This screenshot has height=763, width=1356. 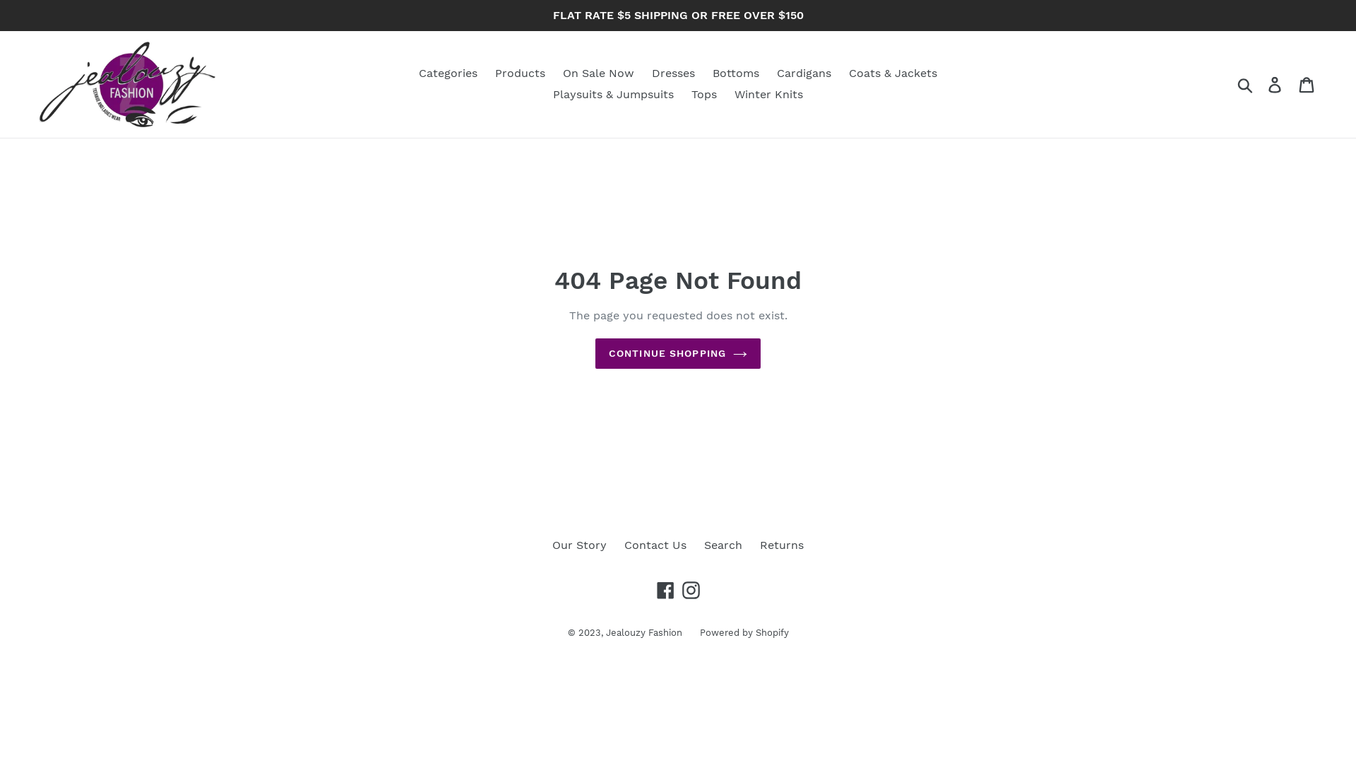 I want to click on 'Products', so click(x=519, y=73).